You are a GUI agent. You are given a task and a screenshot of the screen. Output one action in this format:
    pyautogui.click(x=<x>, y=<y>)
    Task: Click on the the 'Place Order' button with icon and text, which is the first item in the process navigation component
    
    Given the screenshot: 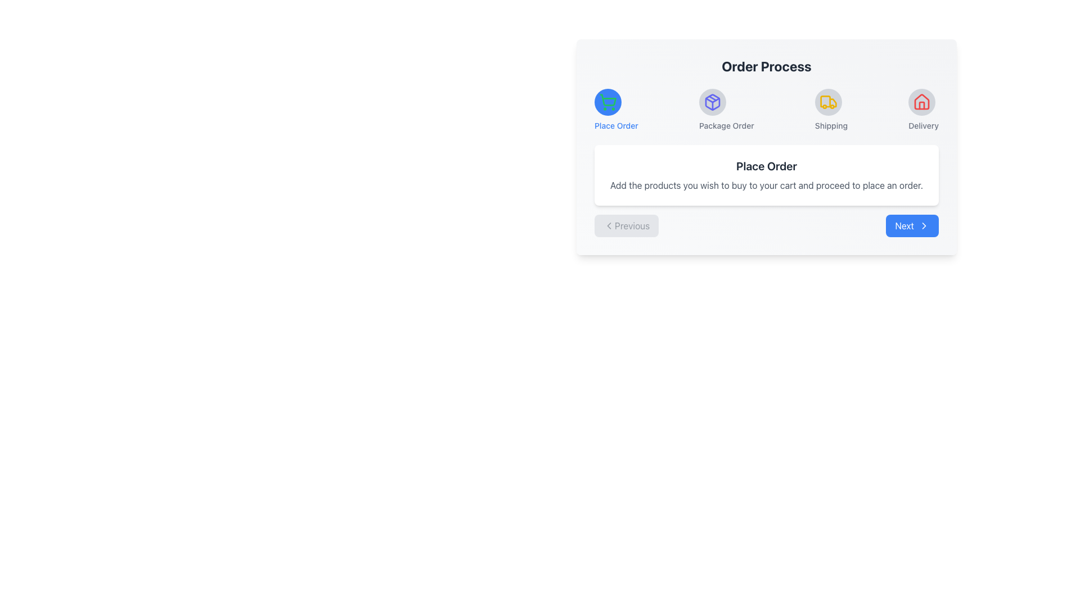 What is the action you would take?
    pyautogui.click(x=615, y=110)
    